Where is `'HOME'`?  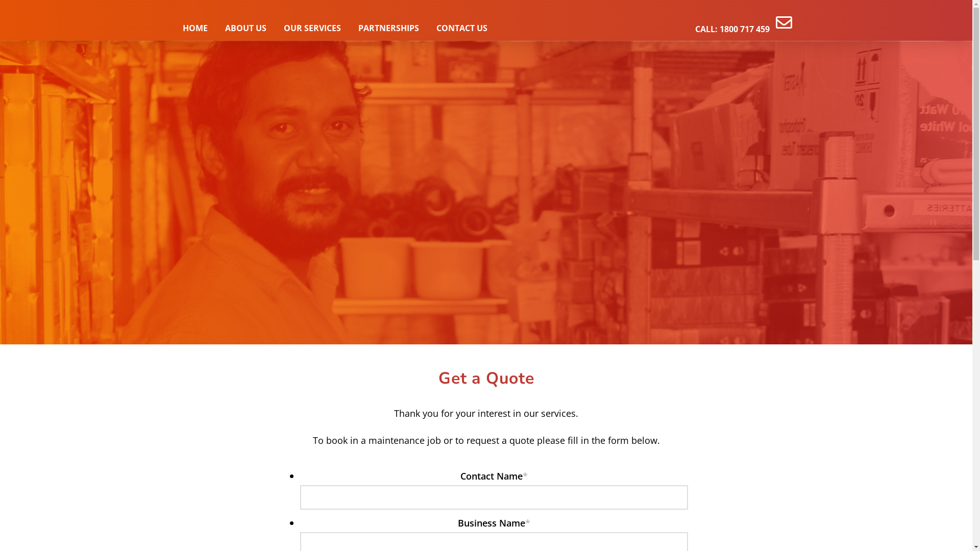 'HOME' is located at coordinates (194, 27).